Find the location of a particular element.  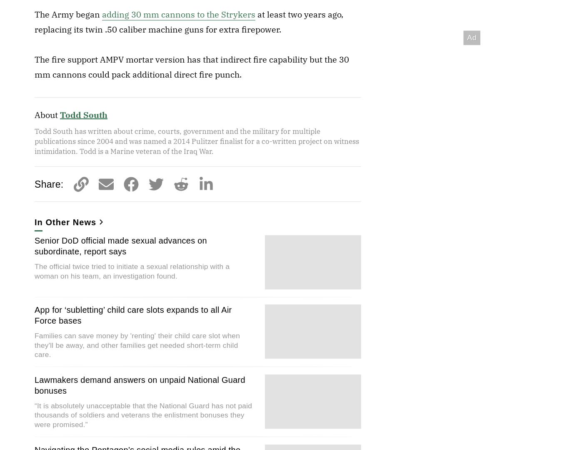

'Todd South' is located at coordinates (83, 115).